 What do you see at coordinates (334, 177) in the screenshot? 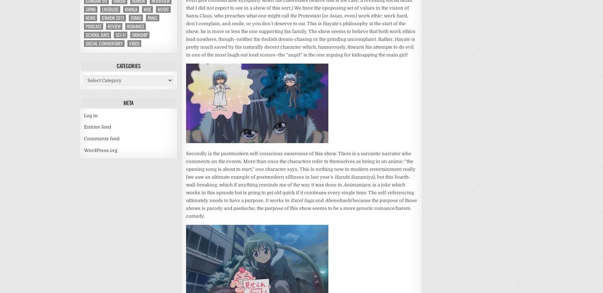
I see `'Haruhi Suzumiya'` at bounding box center [334, 177].